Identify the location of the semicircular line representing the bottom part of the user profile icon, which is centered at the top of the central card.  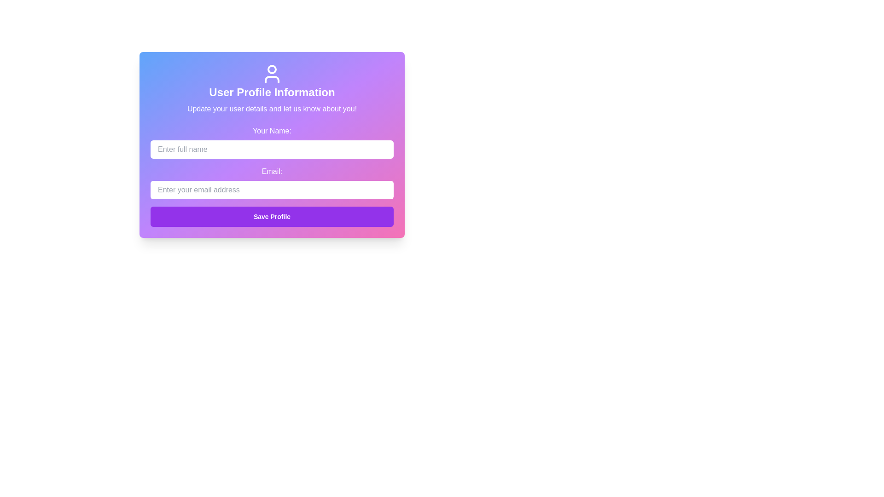
(271, 79).